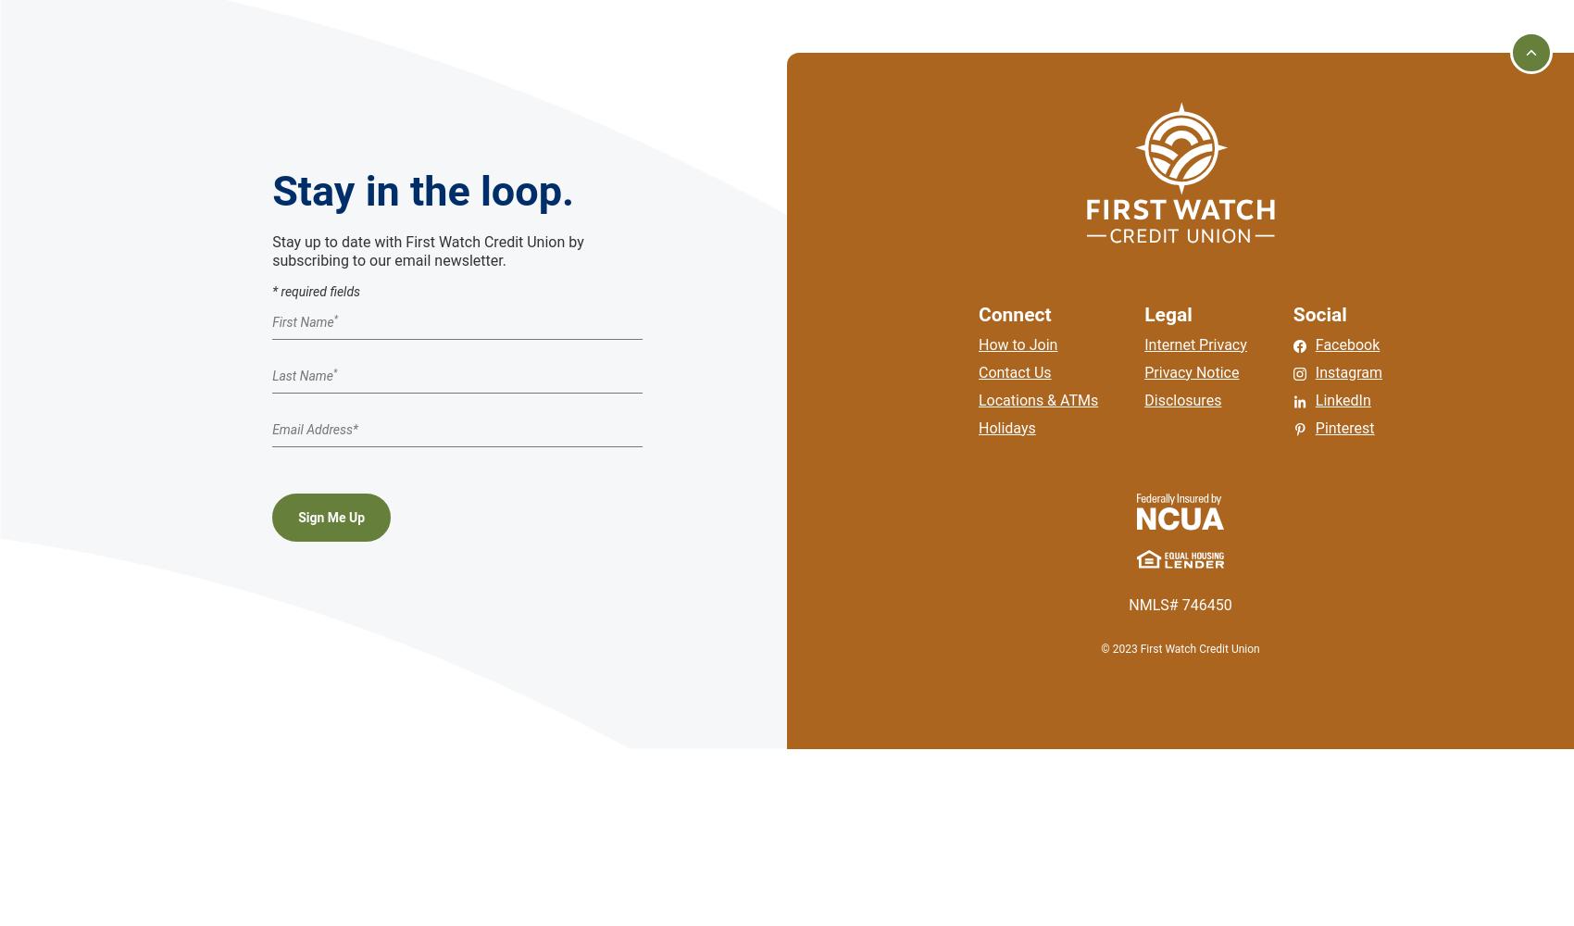 The image size is (1574, 926). Describe the element at coordinates (1143, 371) in the screenshot. I see `'Privacy Notice'` at that location.